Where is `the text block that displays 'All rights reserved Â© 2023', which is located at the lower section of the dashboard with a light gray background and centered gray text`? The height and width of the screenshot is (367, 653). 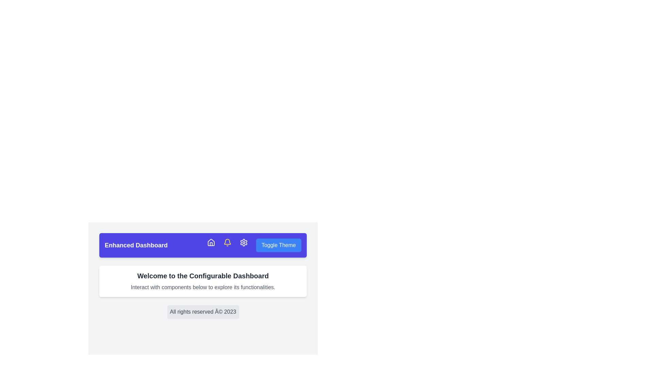 the text block that displays 'All rights reserved Â© 2023', which is located at the lower section of the dashboard with a light gray background and centered gray text is located at coordinates (202, 312).